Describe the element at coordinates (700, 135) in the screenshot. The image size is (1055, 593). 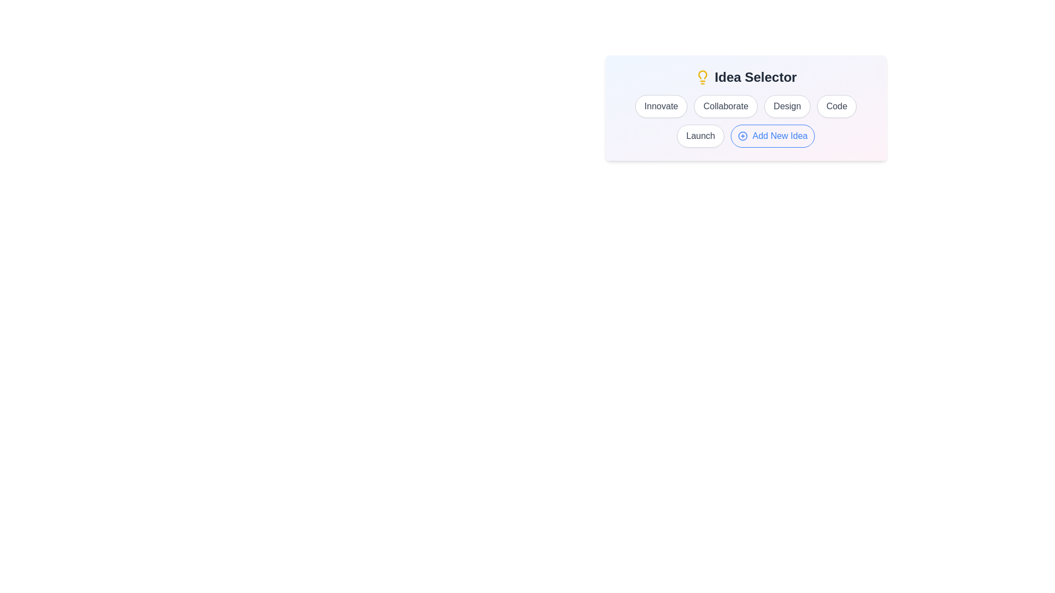
I see `the Launch button to observe its hover effect` at that location.